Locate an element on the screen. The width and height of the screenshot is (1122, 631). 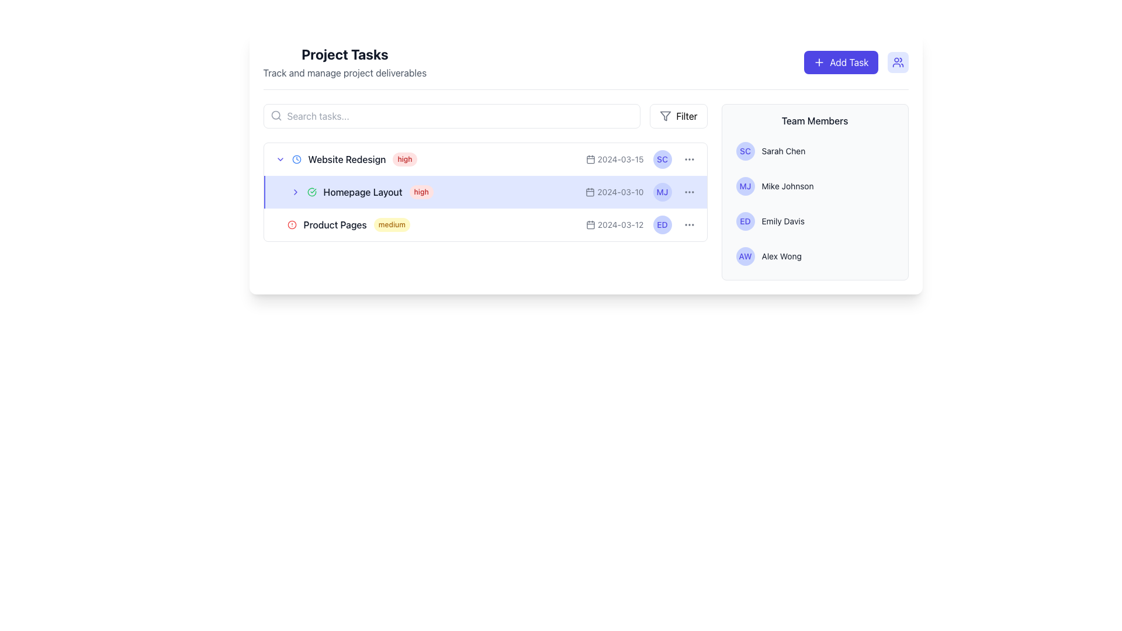
the List item that provides detailed information about the task titled 'Homepage Layout' is located at coordinates (485, 191).